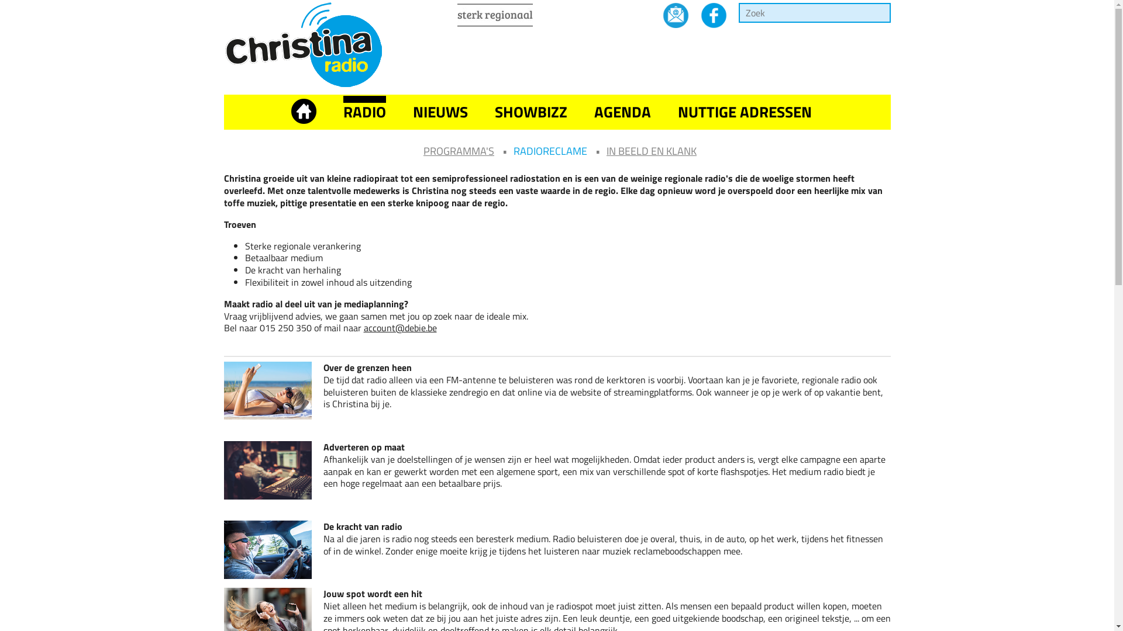 The image size is (1123, 631). I want to click on 'RADIO', so click(363, 112).